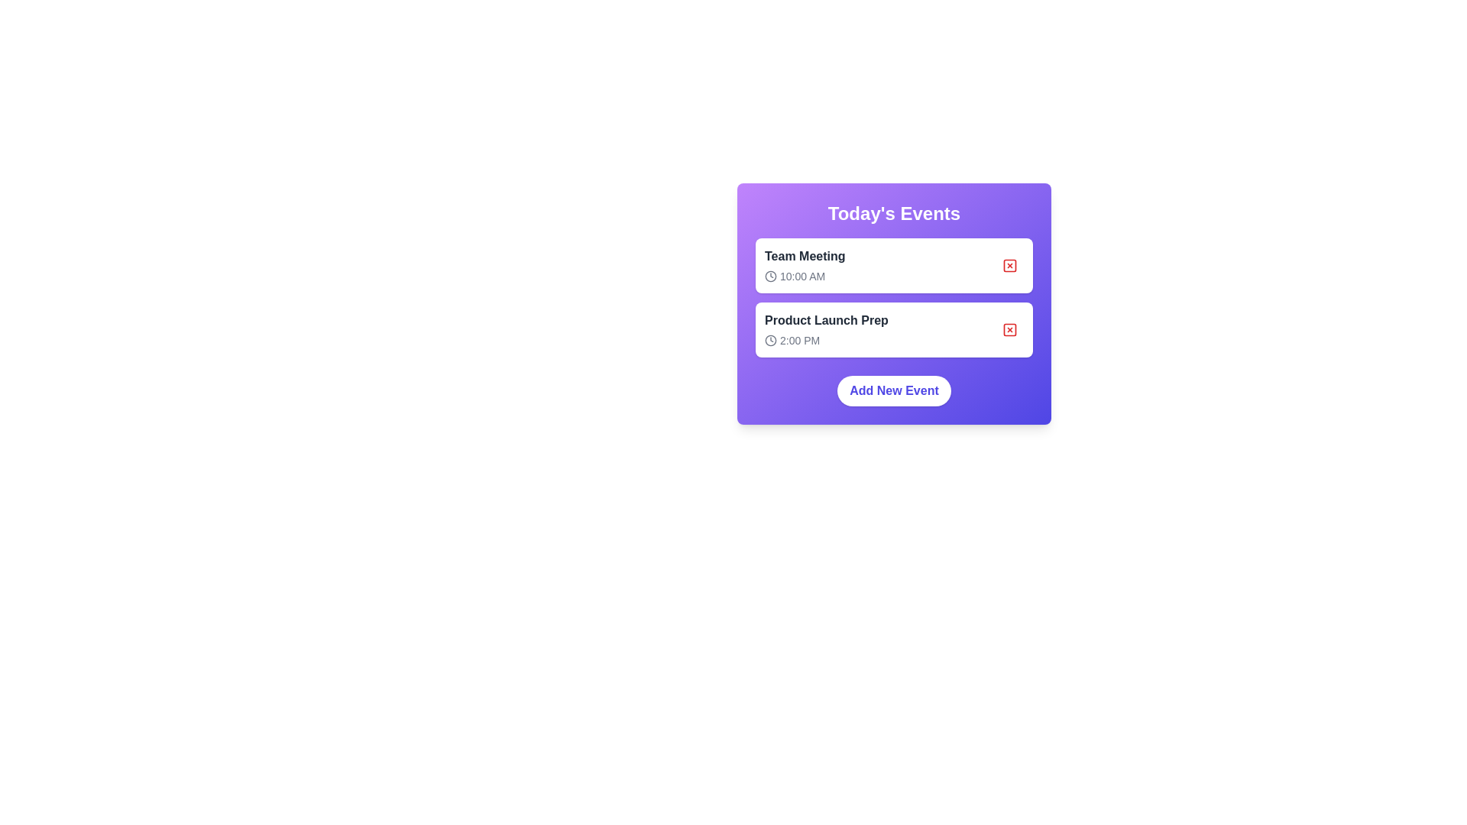 This screenshot has width=1467, height=825. What do you see at coordinates (894, 390) in the screenshot?
I see `the distinct button located in the purple panel titled 'Today's Events' at the bottom center` at bounding box center [894, 390].